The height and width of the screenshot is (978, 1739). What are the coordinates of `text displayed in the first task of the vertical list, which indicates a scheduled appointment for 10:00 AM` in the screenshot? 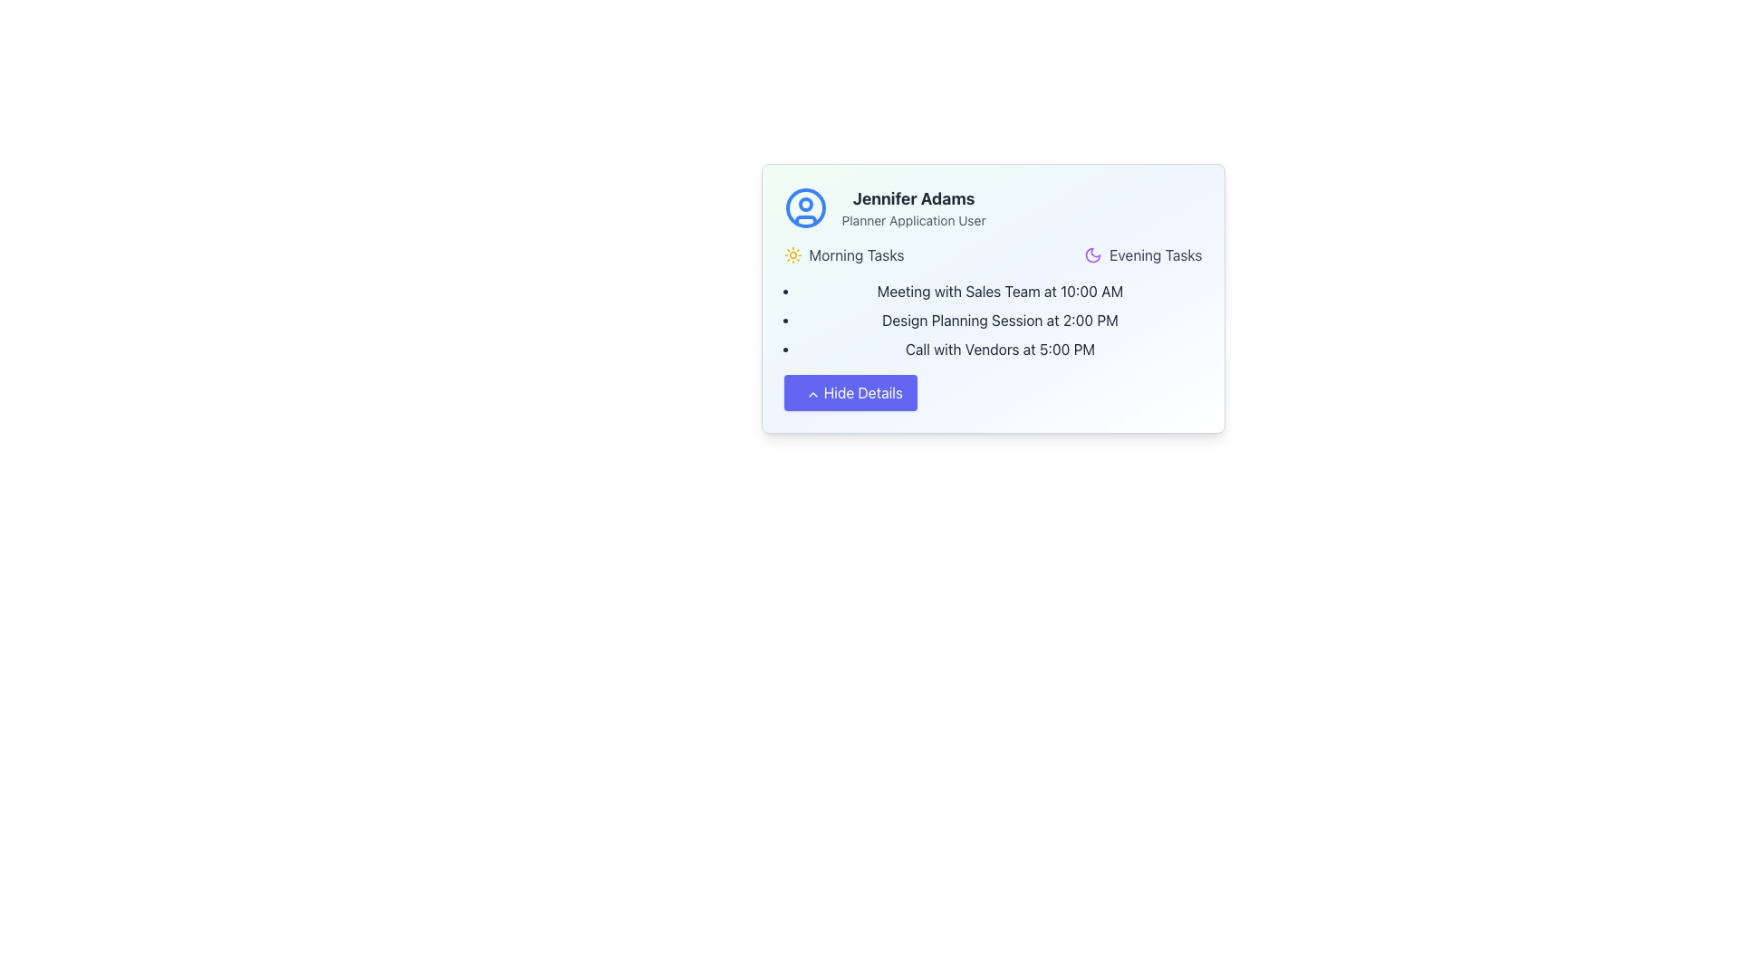 It's located at (999, 290).